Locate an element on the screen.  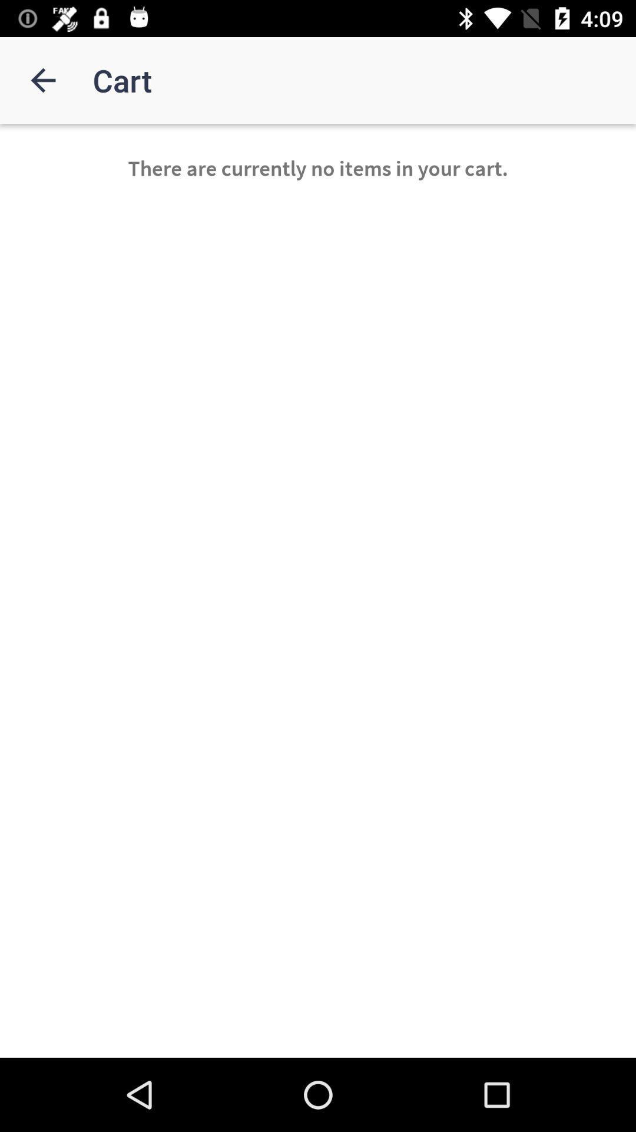
item next to cart is located at coordinates (42, 80).